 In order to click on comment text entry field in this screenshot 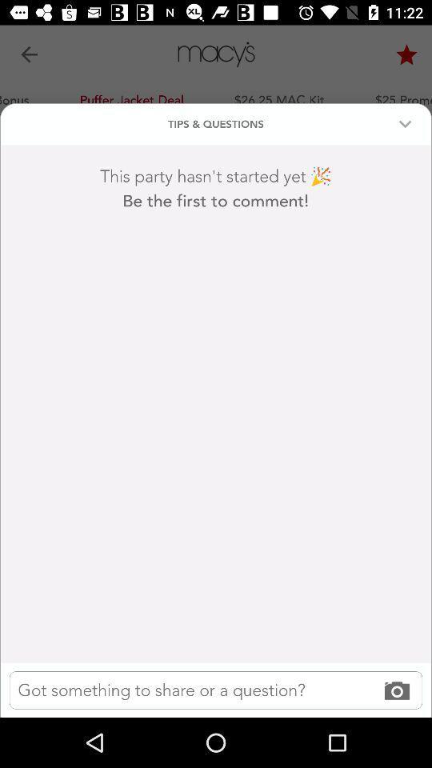, I will do `click(216, 689)`.